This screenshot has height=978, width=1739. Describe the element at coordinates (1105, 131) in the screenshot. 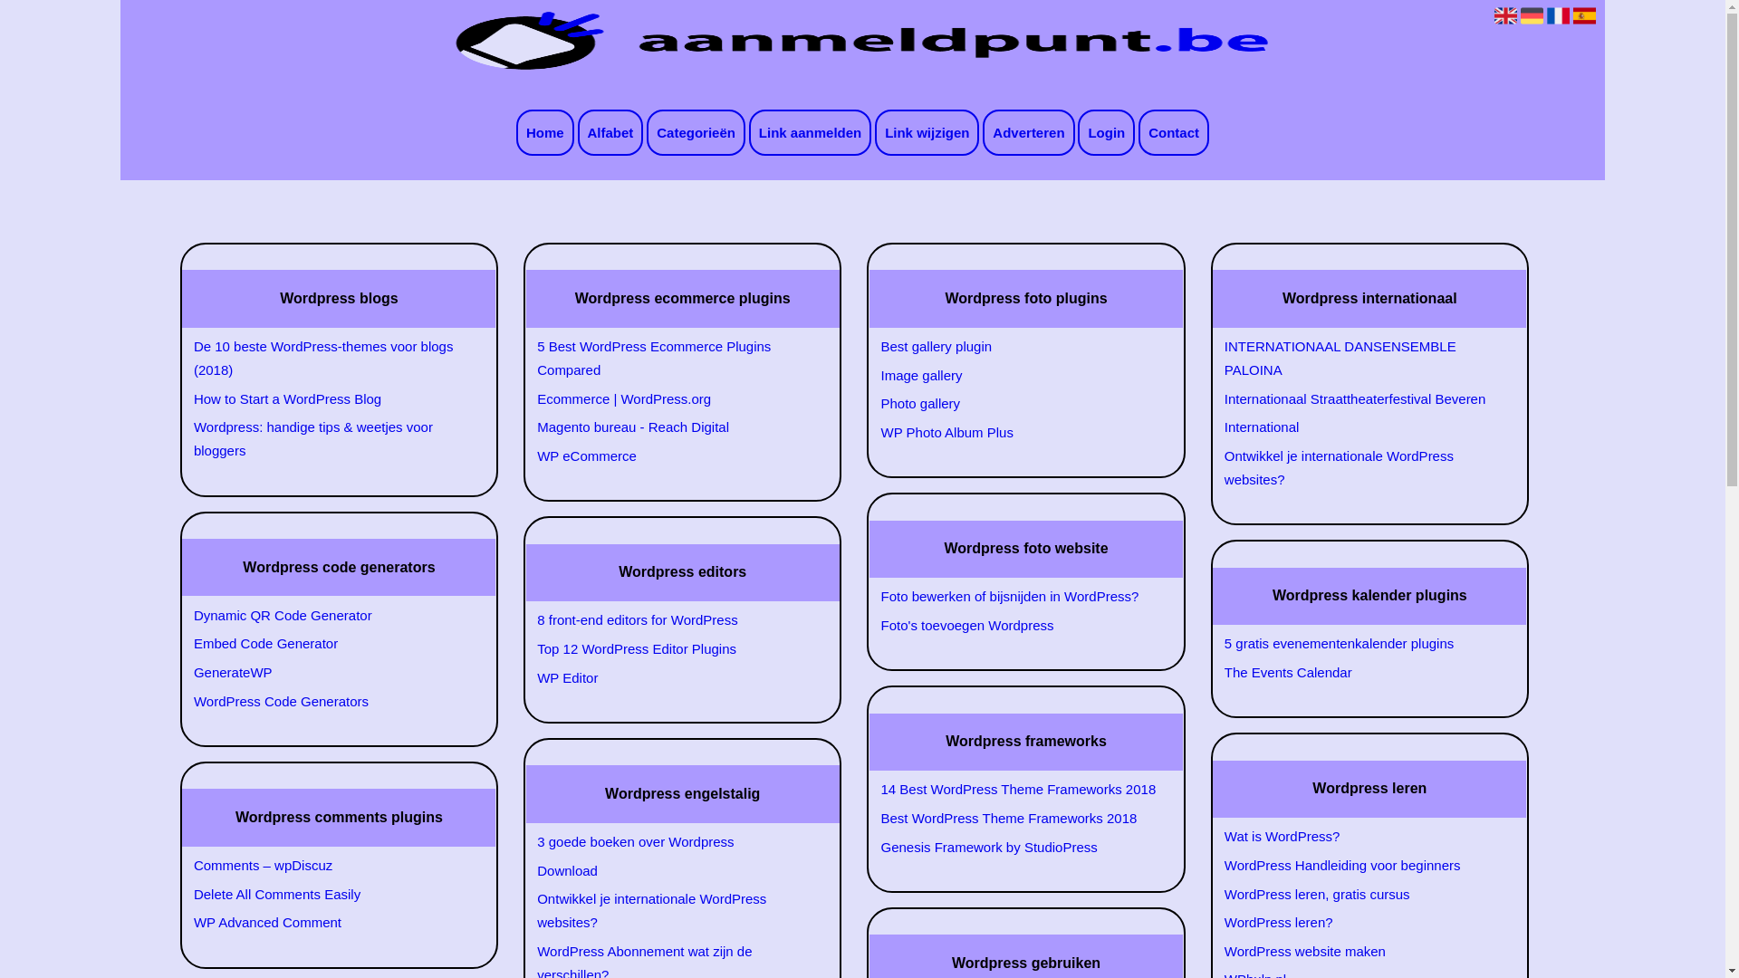

I see `'Login'` at that location.